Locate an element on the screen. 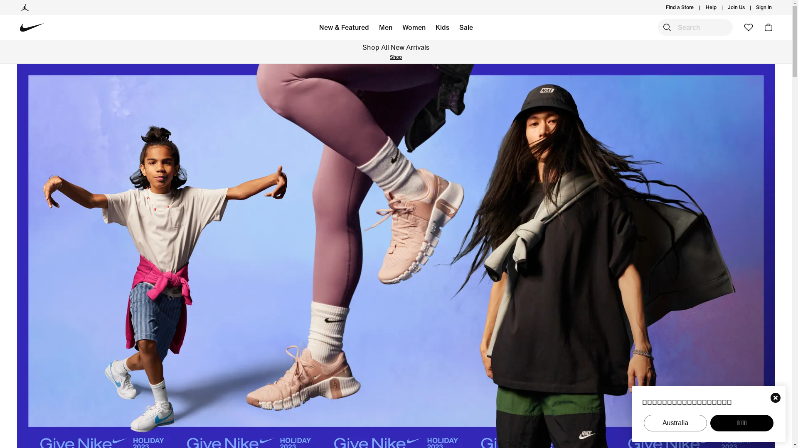  'Help' is located at coordinates (710, 7).